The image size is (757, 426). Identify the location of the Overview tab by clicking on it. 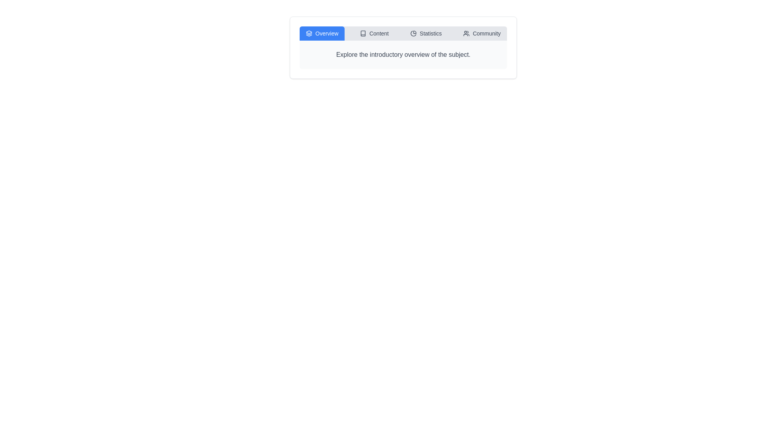
(322, 33).